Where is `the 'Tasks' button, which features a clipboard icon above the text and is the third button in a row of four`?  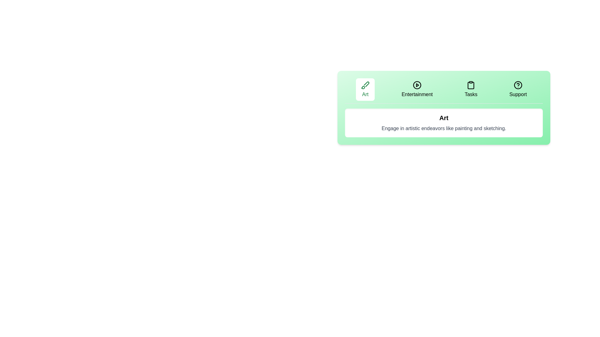
the 'Tasks' button, which features a clipboard icon above the text and is the third button in a row of four is located at coordinates (471, 89).